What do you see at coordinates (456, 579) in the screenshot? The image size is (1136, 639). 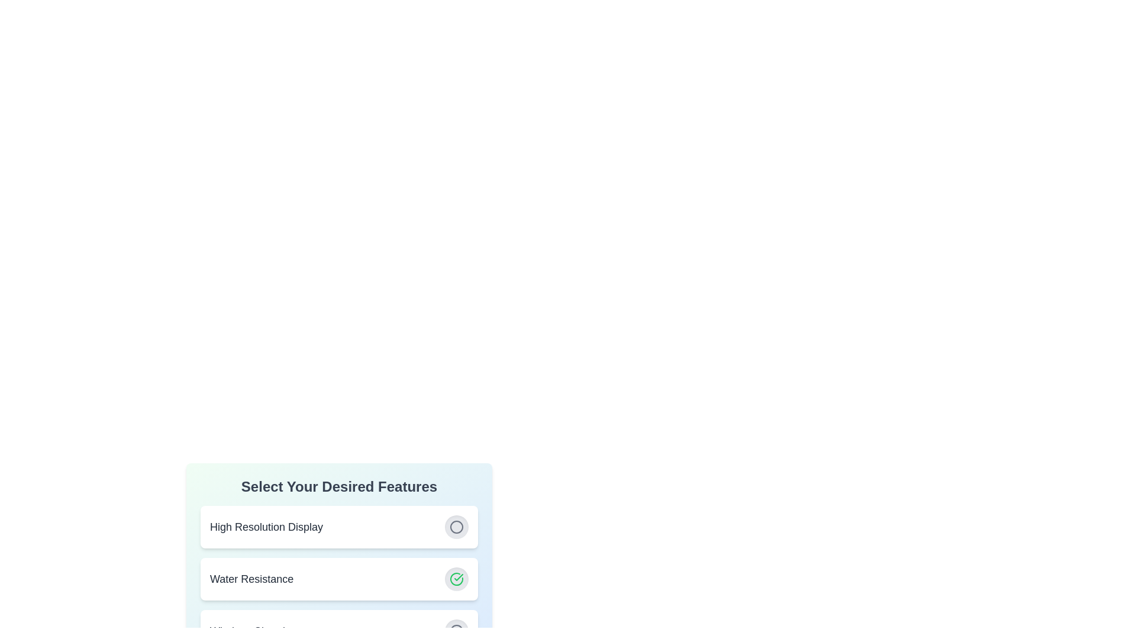 I see `the selected state icon for the 'Water Resistance' feature` at bounding box center [456, 579].